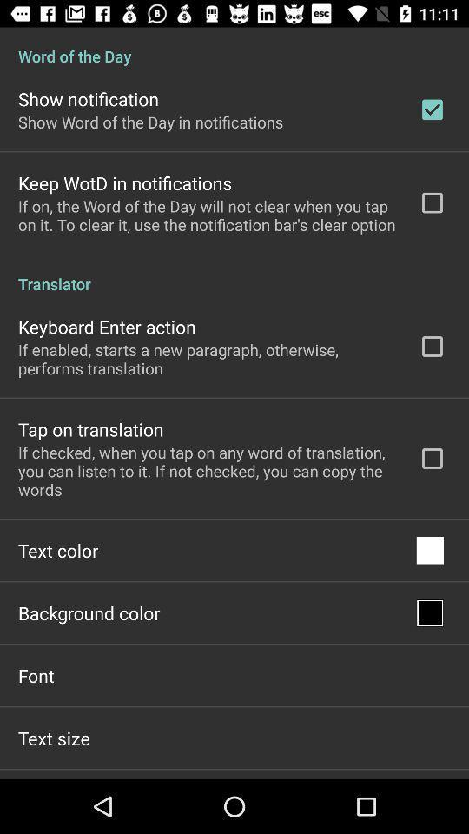 Image resolution: width=469 pixels, height=834 pixels. Describe the element at coordinates (107, 326) in the screenshot. I see `the keyboard enter action` at that location.